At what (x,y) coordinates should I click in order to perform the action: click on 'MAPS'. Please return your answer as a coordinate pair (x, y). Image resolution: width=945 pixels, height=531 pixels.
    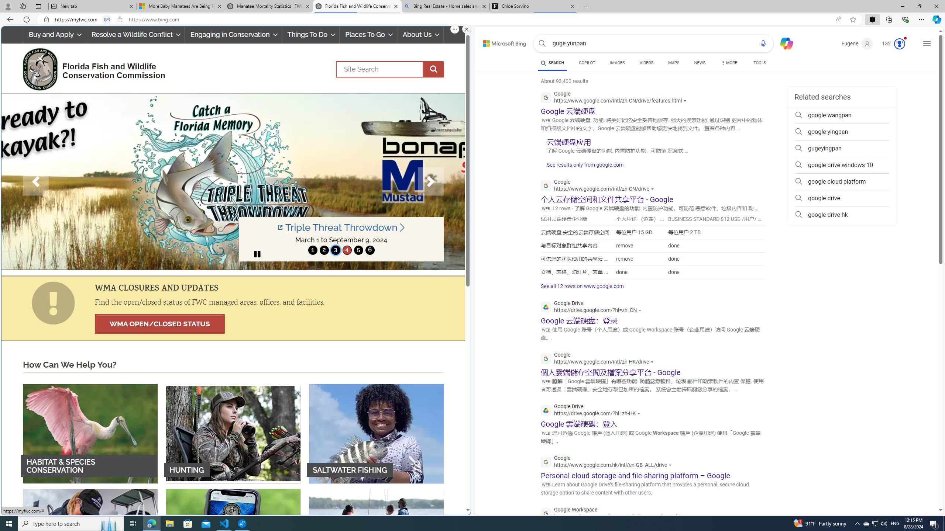
    Looking at the image, I should click on (674, 63).